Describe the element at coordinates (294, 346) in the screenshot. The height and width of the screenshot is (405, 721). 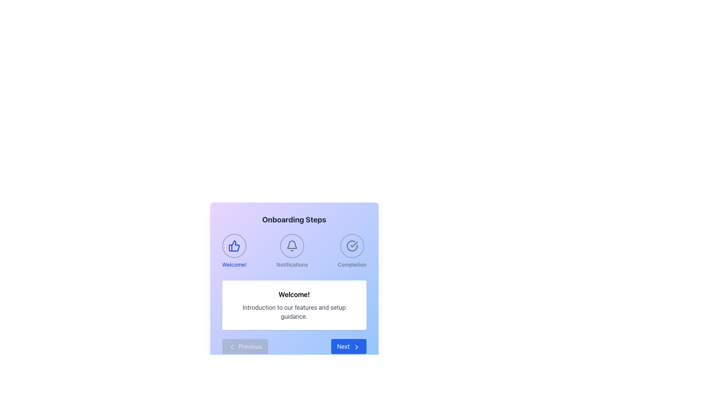
I see `the 'Next' button on the navigation bar located at the bottom of the onboarding panel to proceed` at that location.